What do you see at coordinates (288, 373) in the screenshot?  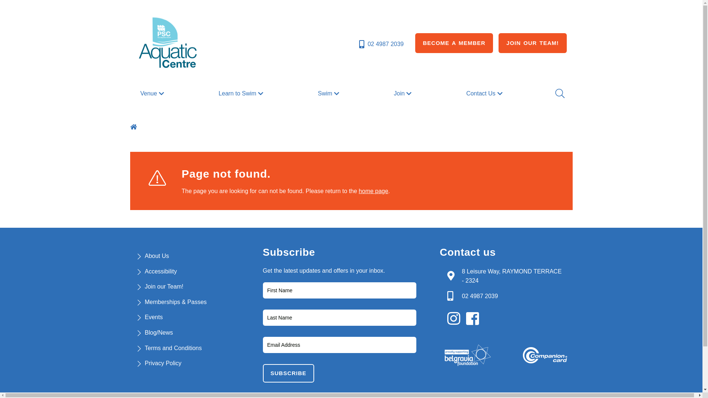 I see `'subscribe'` at bounding box center [288, 373].